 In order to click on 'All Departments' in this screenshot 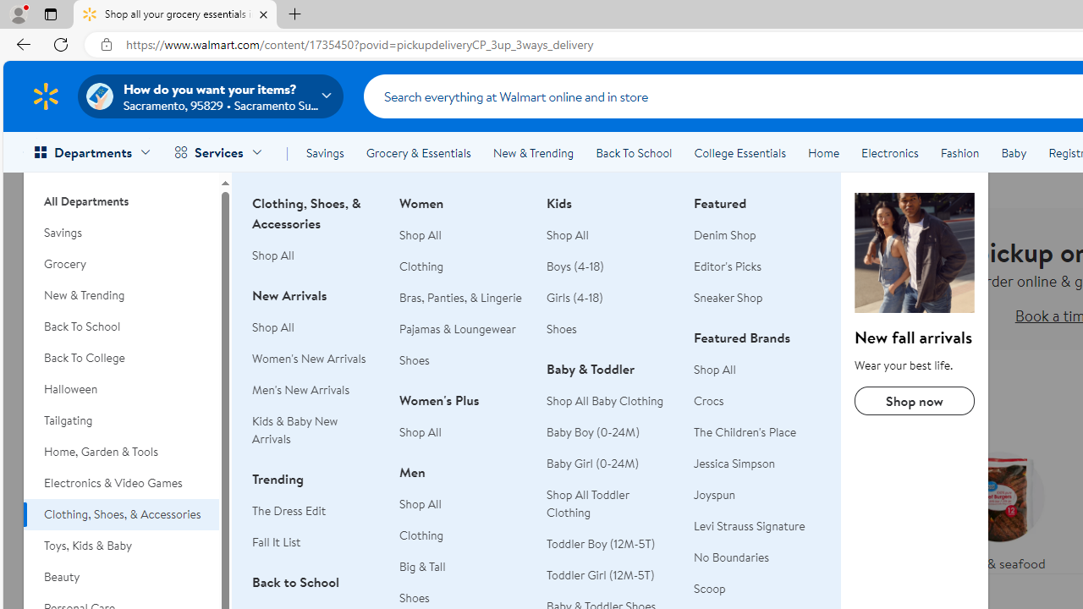, I will do `click(120, 194)`.